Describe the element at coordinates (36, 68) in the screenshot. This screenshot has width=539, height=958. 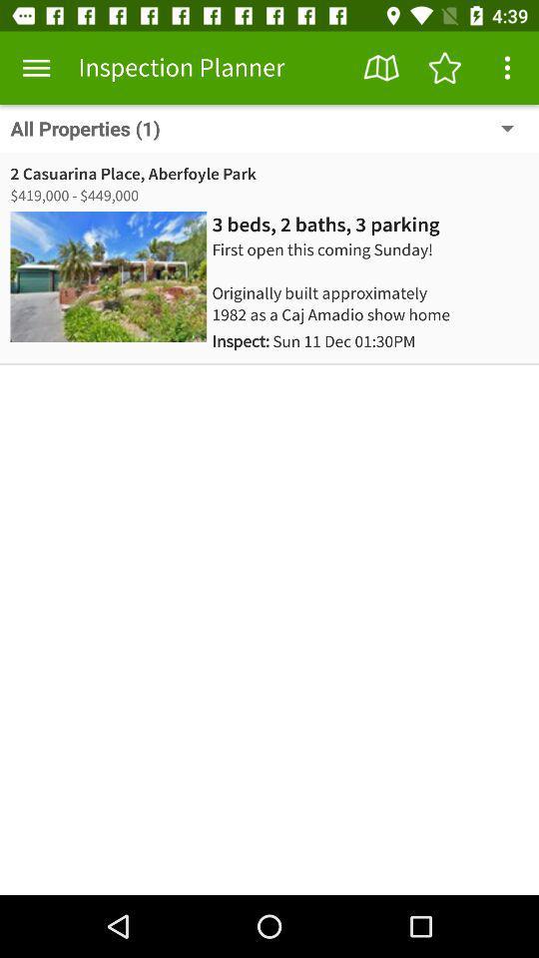
I see `app above the all properties (1) item` at that location.